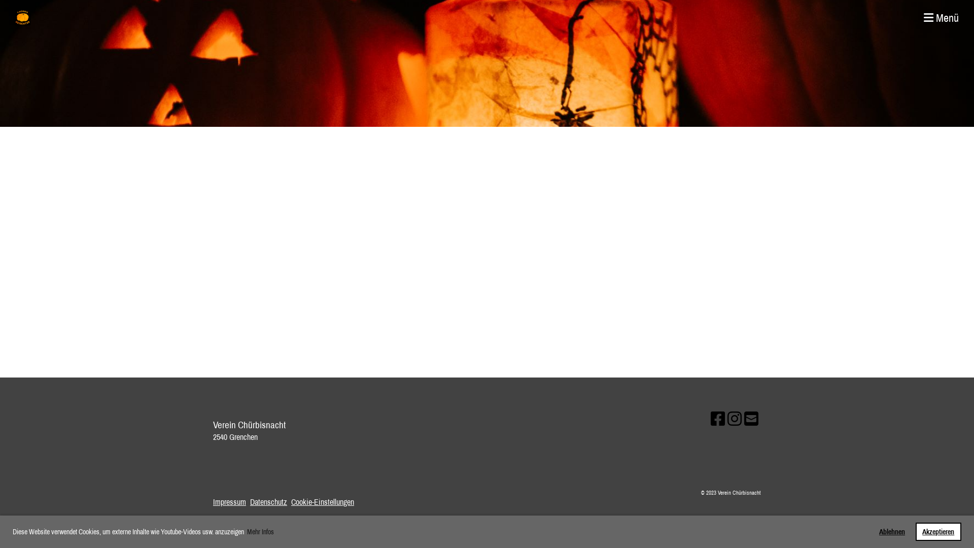 The width and height of the screenshot is (974, 548). I want to click on 'Ablehnen', so click(891, 531).